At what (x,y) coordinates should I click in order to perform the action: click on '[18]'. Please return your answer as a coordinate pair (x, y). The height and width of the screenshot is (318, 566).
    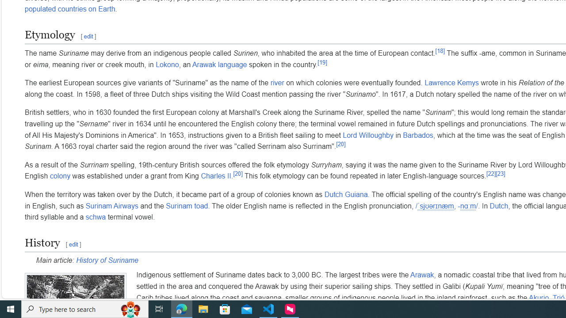
    Looking at the image, I should click on (440, 51).